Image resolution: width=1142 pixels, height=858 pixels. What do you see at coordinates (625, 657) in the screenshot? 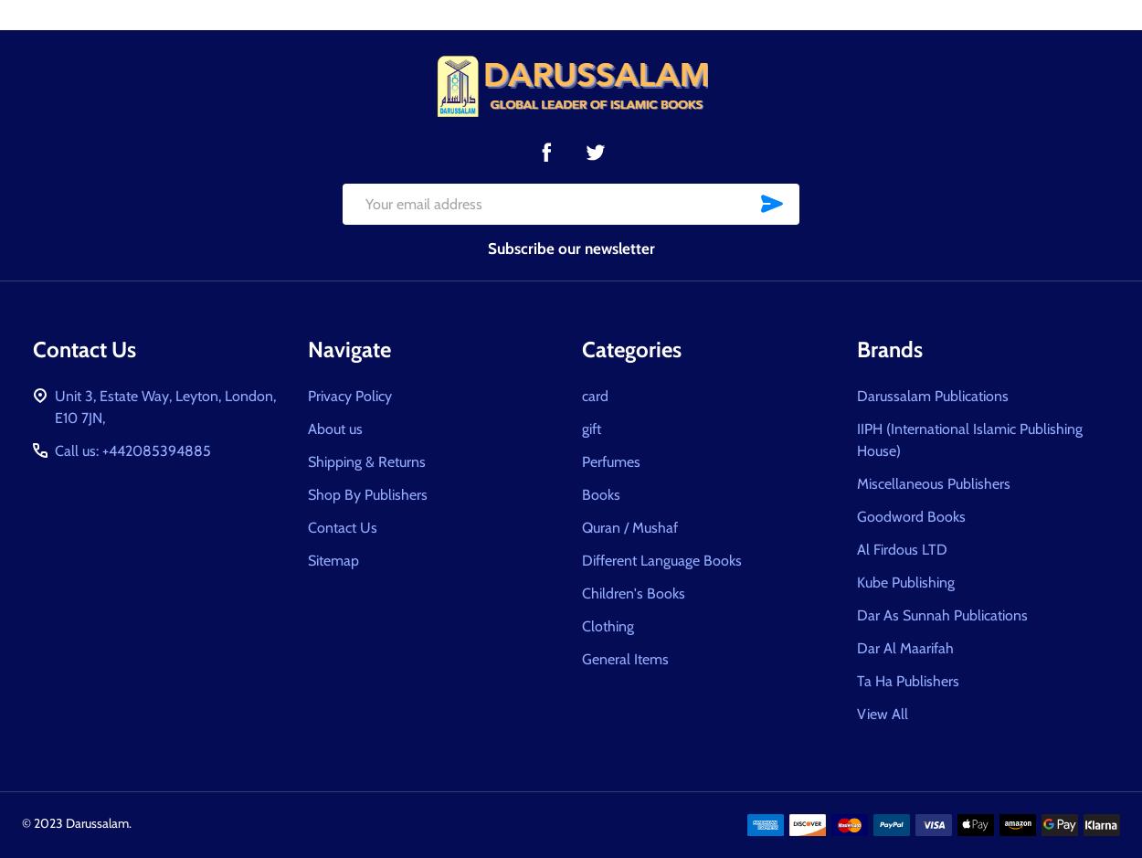
I see `'General Items'` at bounding box center [625, 657].